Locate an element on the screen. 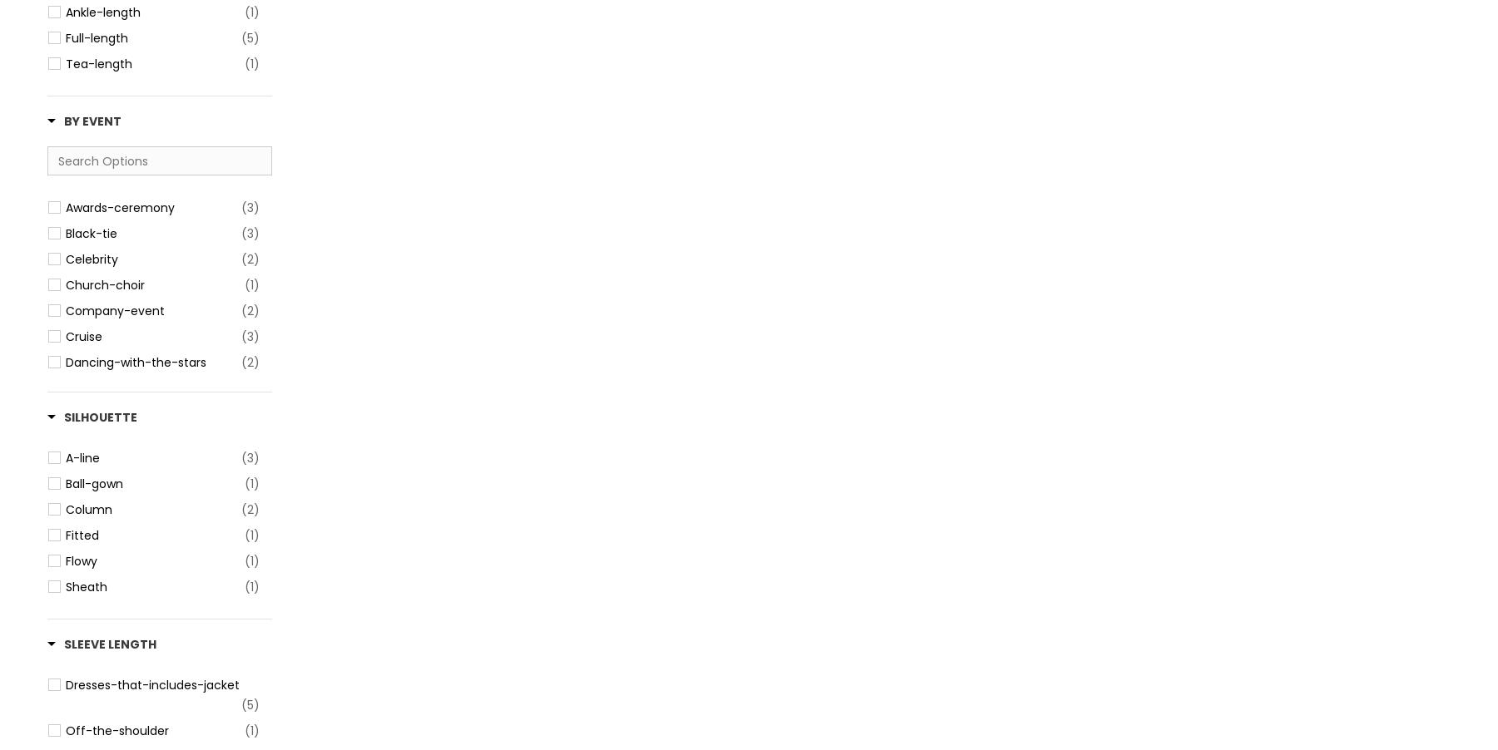 This screenshot has width=1498, height=750. 'By Event' is located at coordinates (92, 121).